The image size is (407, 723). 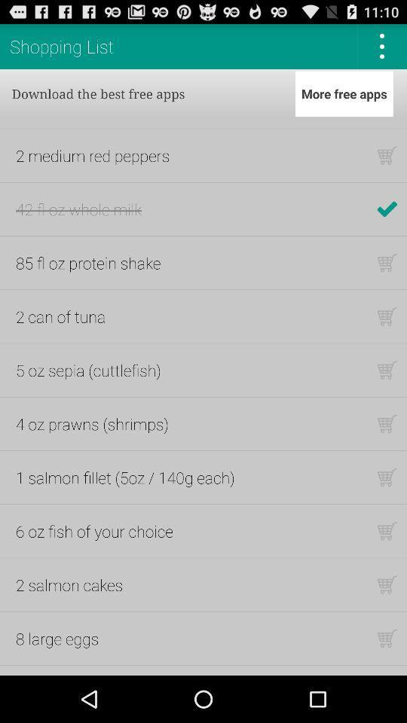 I want to click on the item above 5 oz sepia item, so click(x=60, y=316).